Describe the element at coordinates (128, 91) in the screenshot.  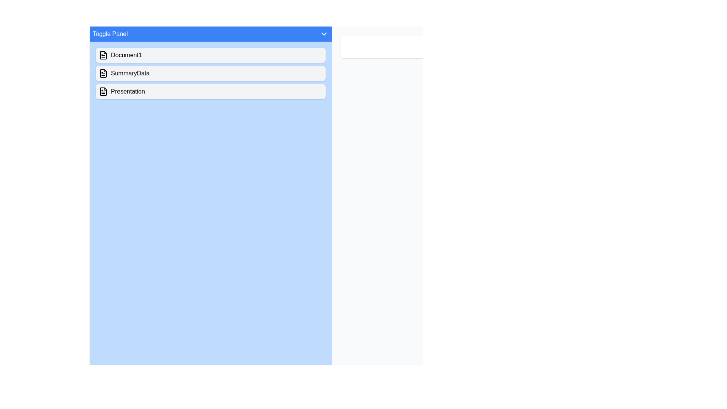
I see `the third text label in the vertical list that represents an item, located under a rounded card, following 'Document1' and 'SummaryData'` at that location.